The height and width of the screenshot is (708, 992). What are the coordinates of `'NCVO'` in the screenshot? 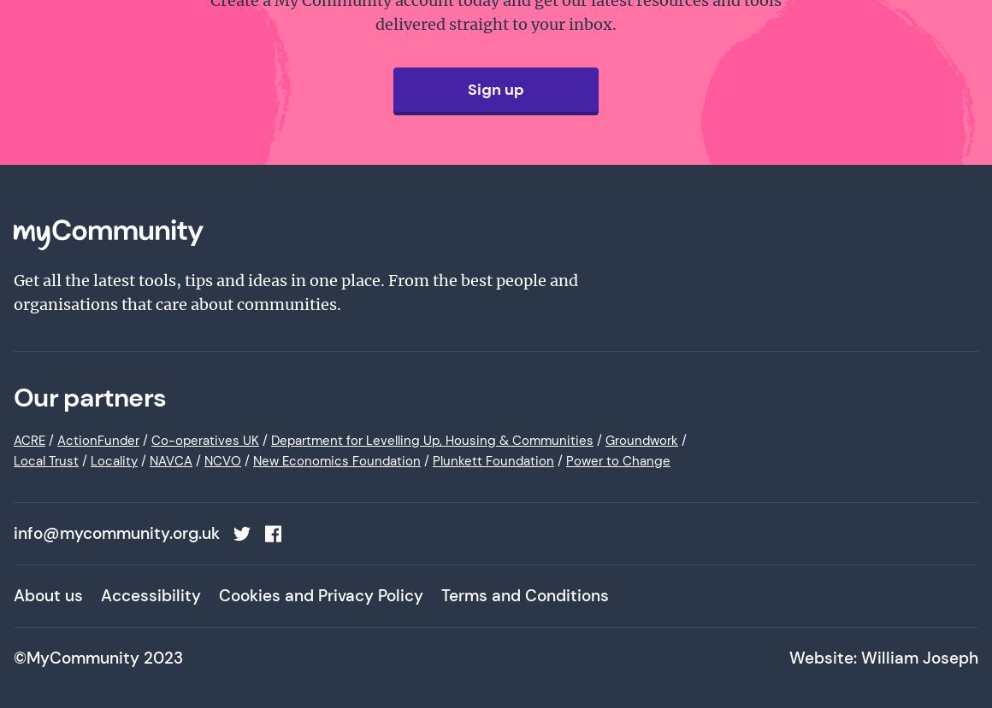 It's located at (222, 461).